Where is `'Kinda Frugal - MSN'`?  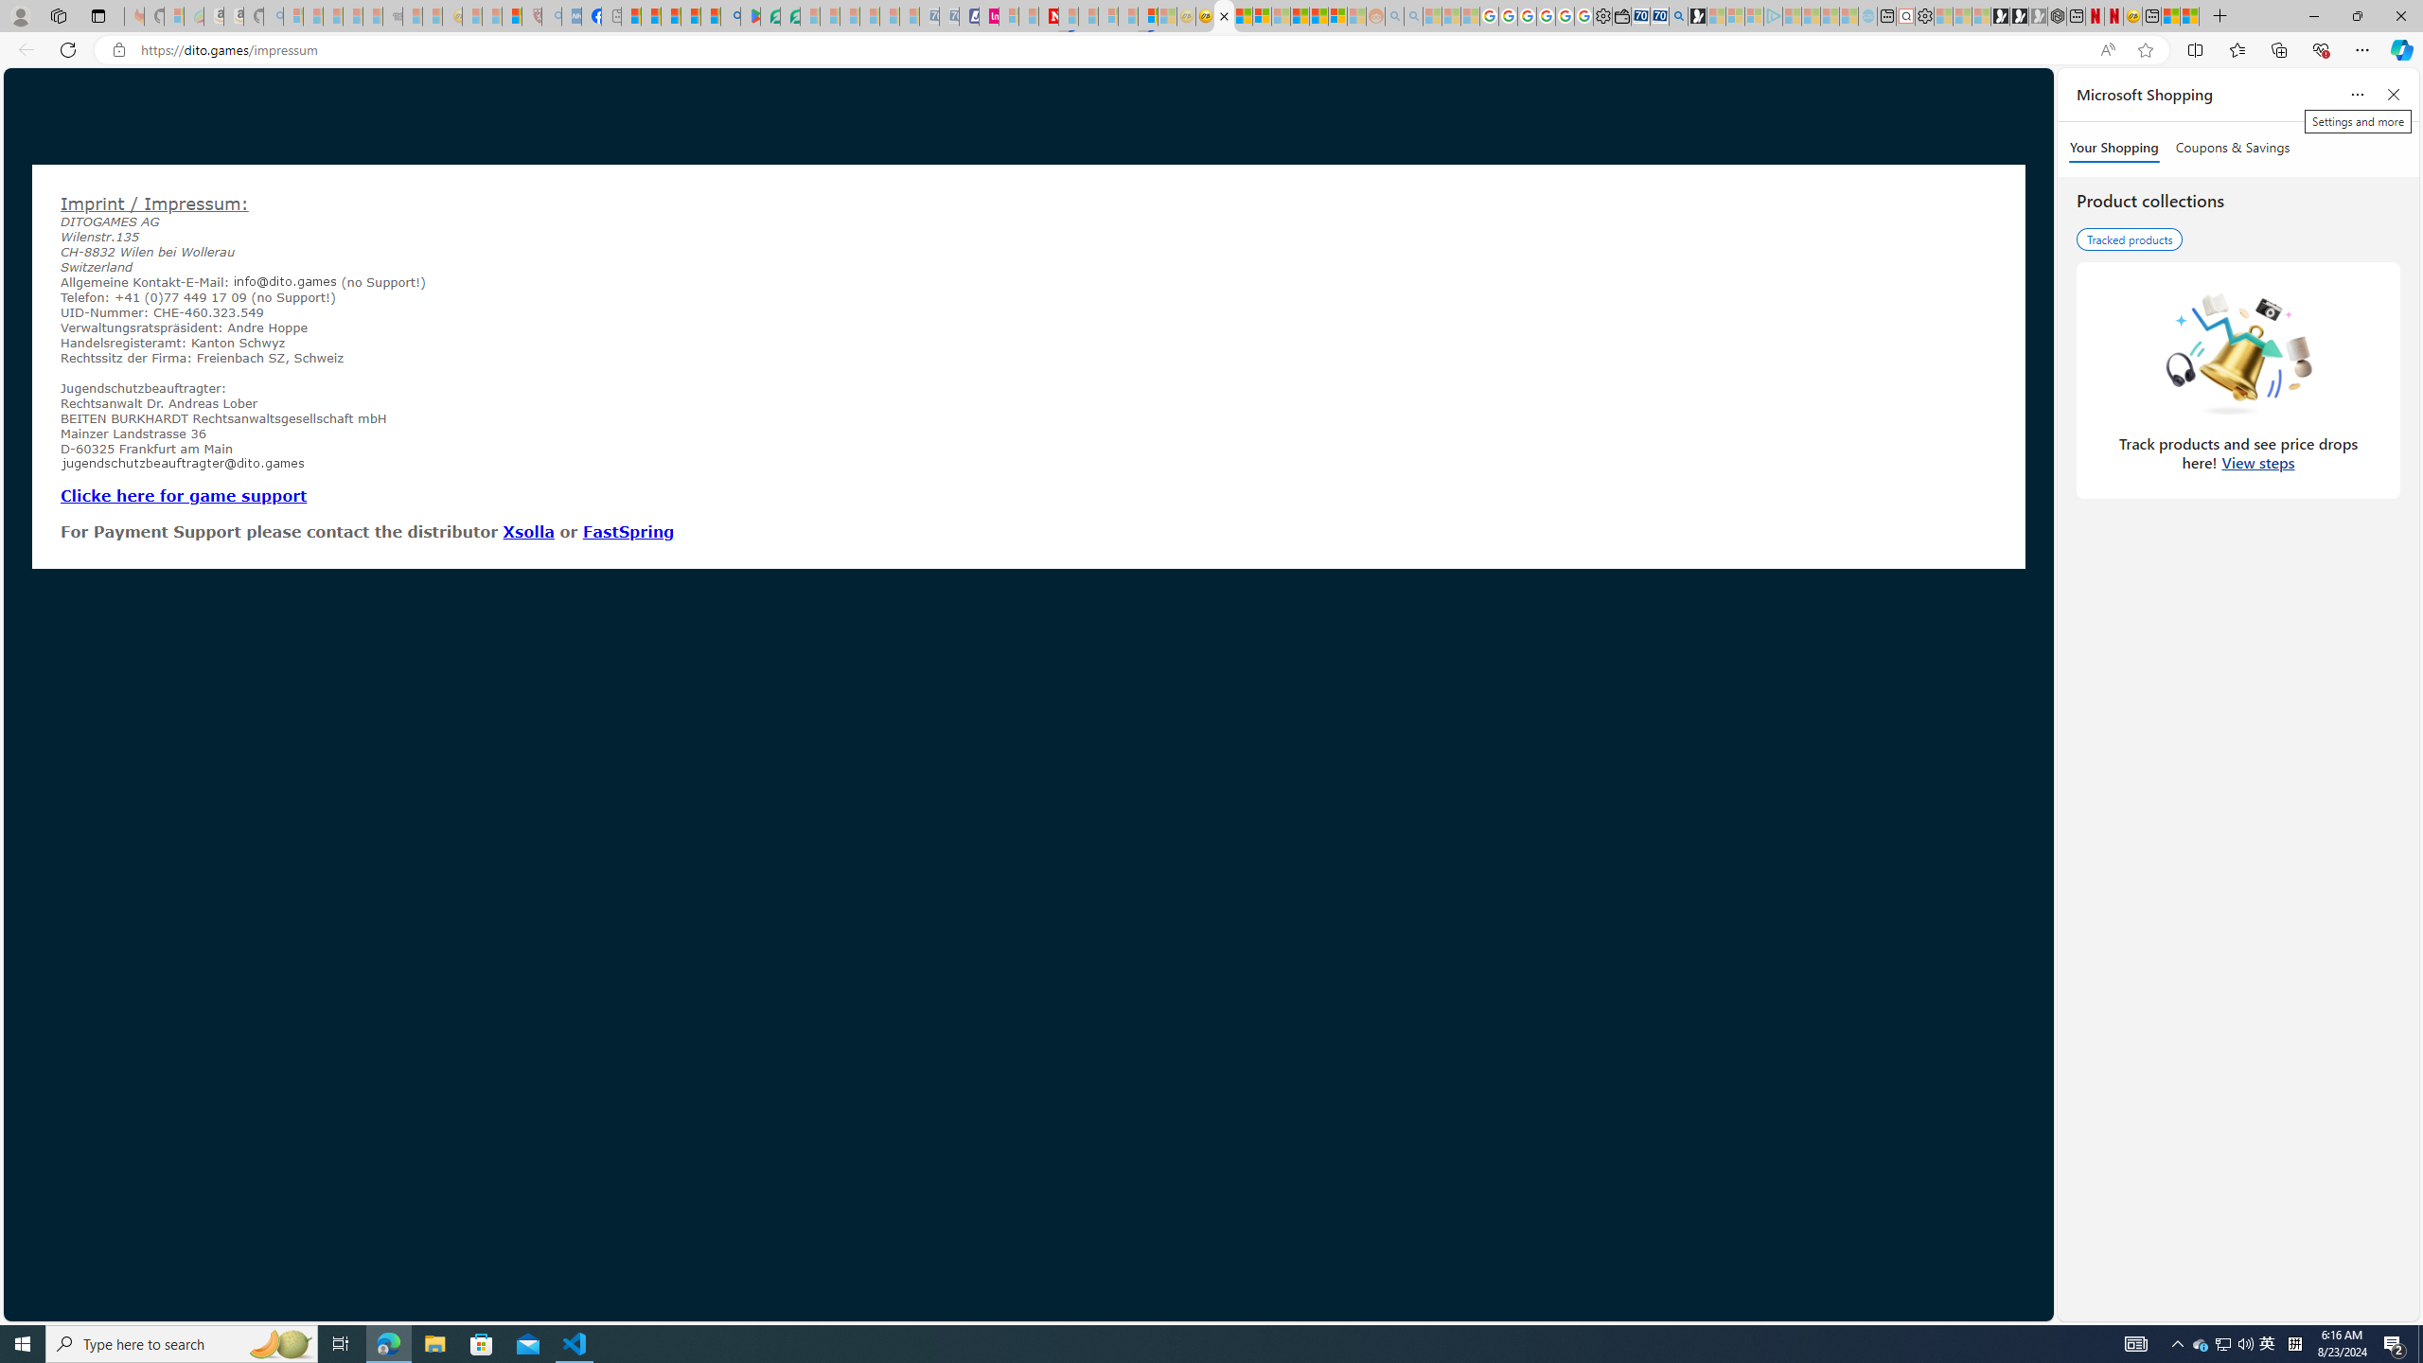 'Kinda Frugal - MSN' is located at coordinates (1318, 15).